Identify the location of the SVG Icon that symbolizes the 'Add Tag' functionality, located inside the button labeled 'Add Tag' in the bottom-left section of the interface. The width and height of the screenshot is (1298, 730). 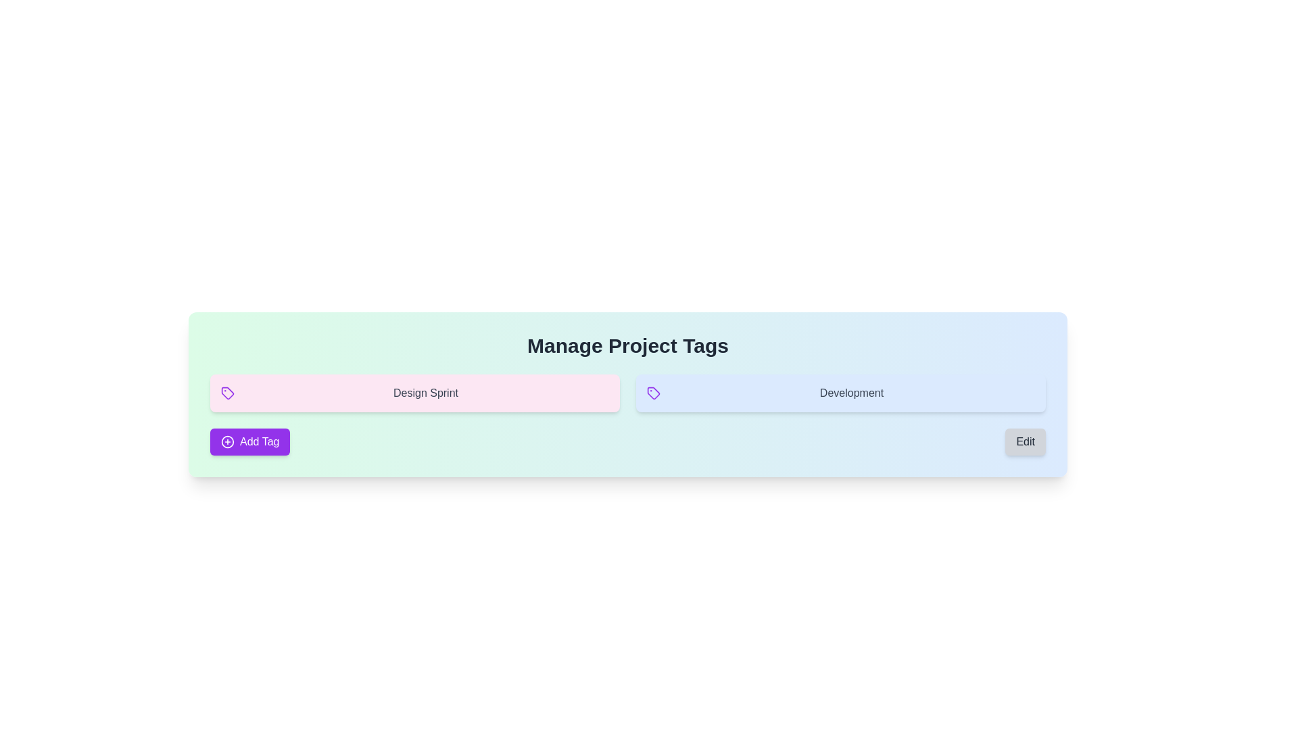
(227, 442).